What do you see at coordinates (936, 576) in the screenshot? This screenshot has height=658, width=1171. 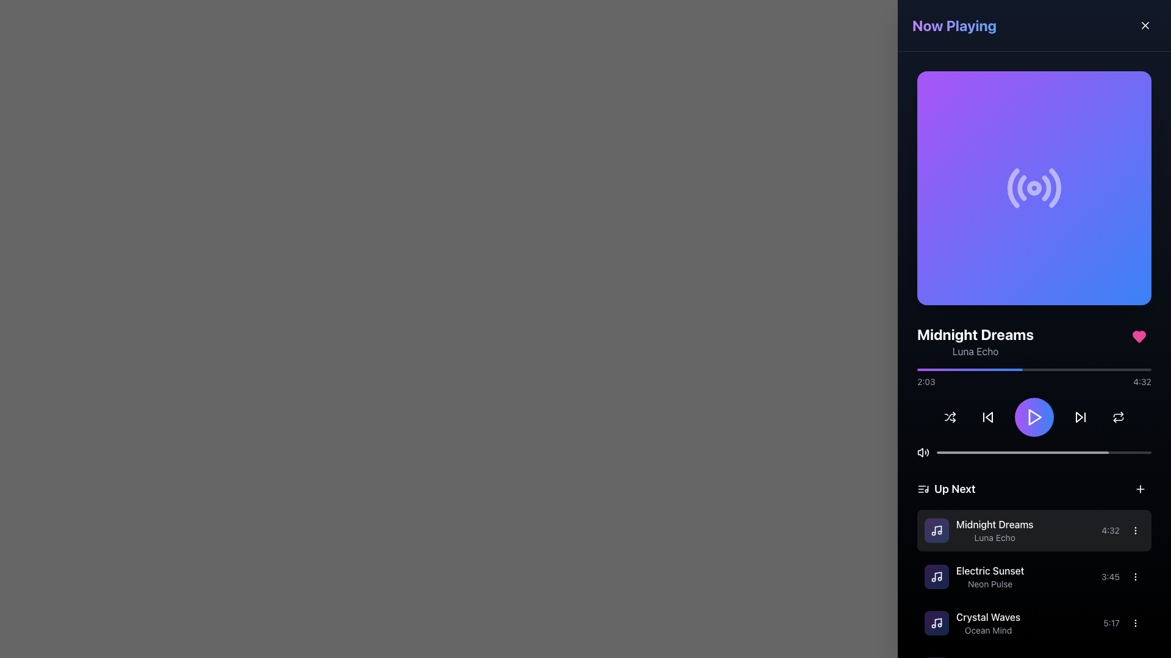 I see `the musical track icon located in the 'Up Next' section, positioned to the left of the text 'Midnight Dreams' and 'Luna Echo'` at bounding box center [936, 576].